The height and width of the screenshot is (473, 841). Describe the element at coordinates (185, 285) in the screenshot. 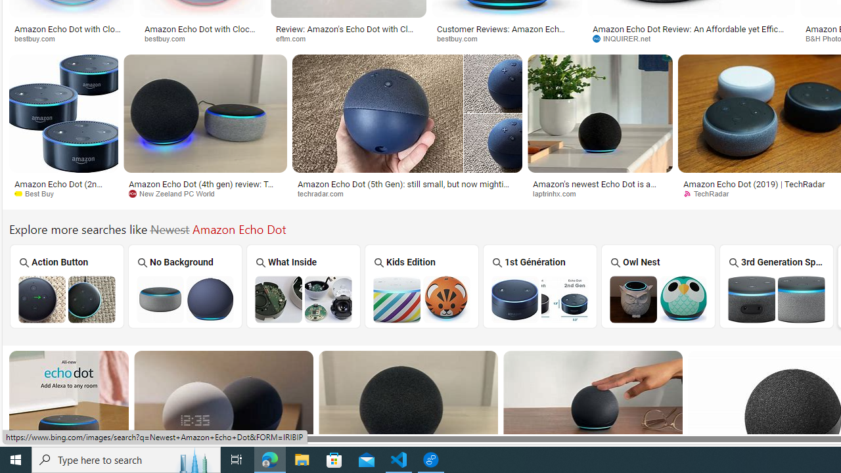

I see `'No Background'` at that location.